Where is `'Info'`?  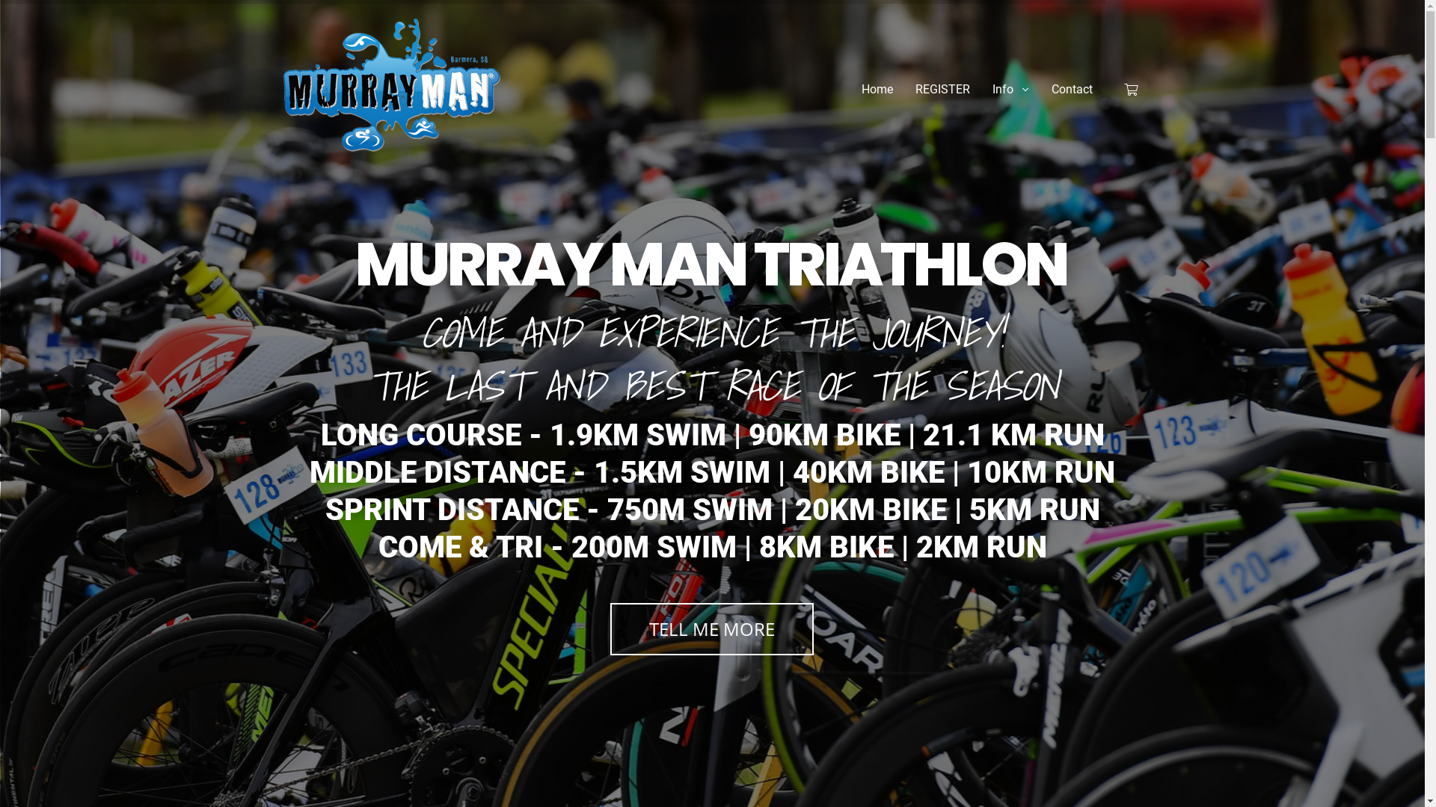 'Info' is located at coordinates (981, 89).